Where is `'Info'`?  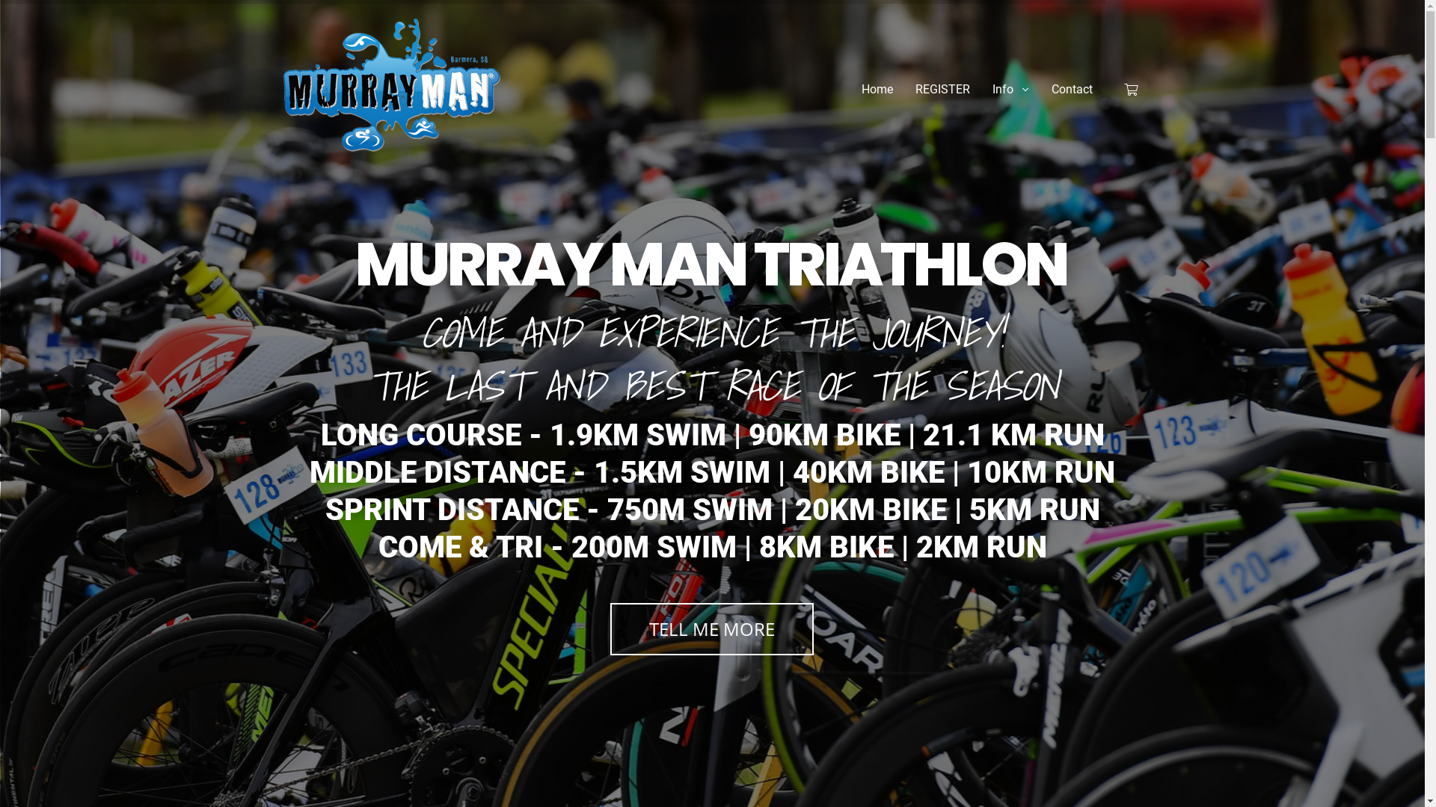 'Info' is located at coordinates (981, 89).